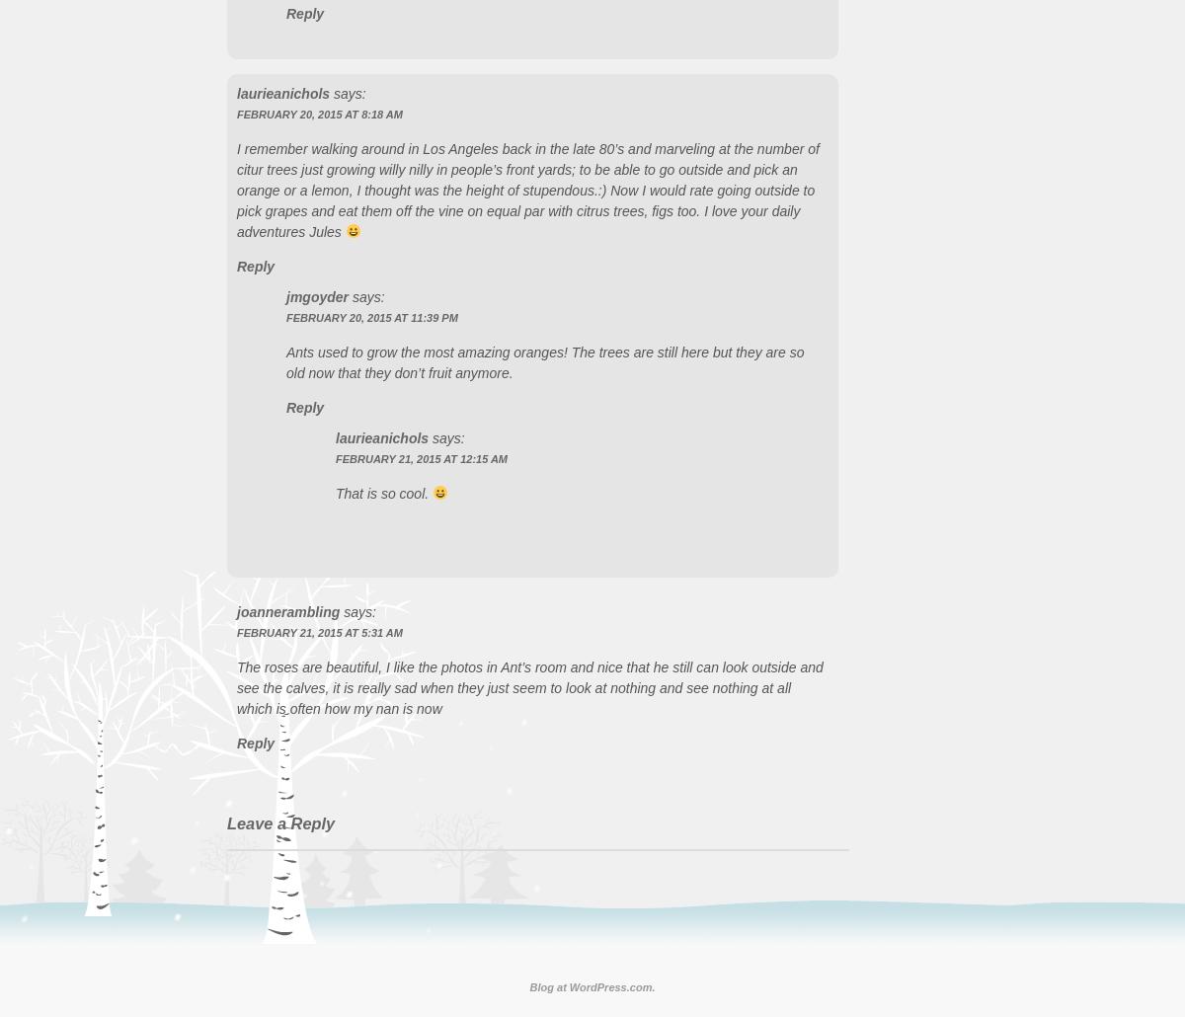  Describe the element at coordinates (421, 457) in the screenshot. I see `'February 21, 2015 at 12:15 AM'` at that location.